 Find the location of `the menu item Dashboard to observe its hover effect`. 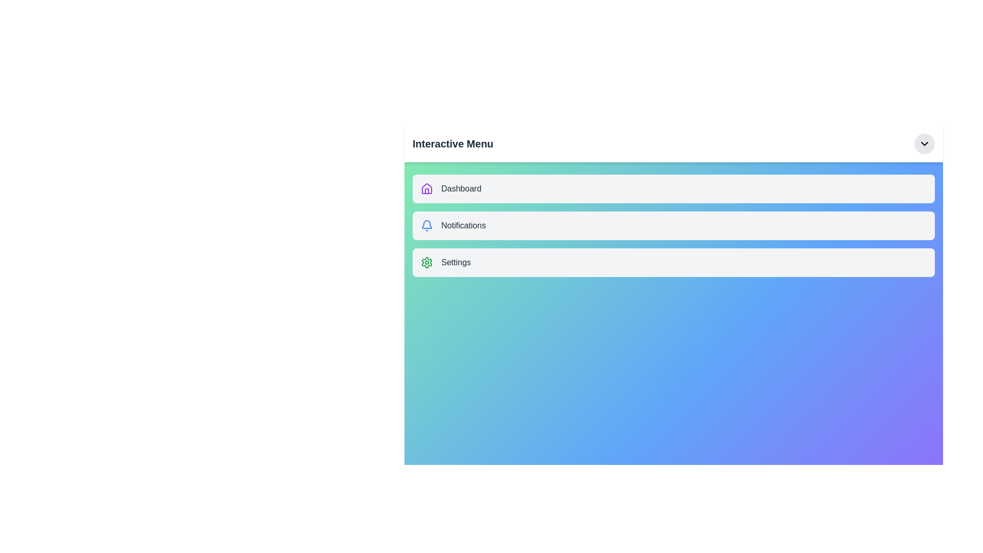

the menu item Dashboard to observe its hover effect is located at coordinates (673, 189).